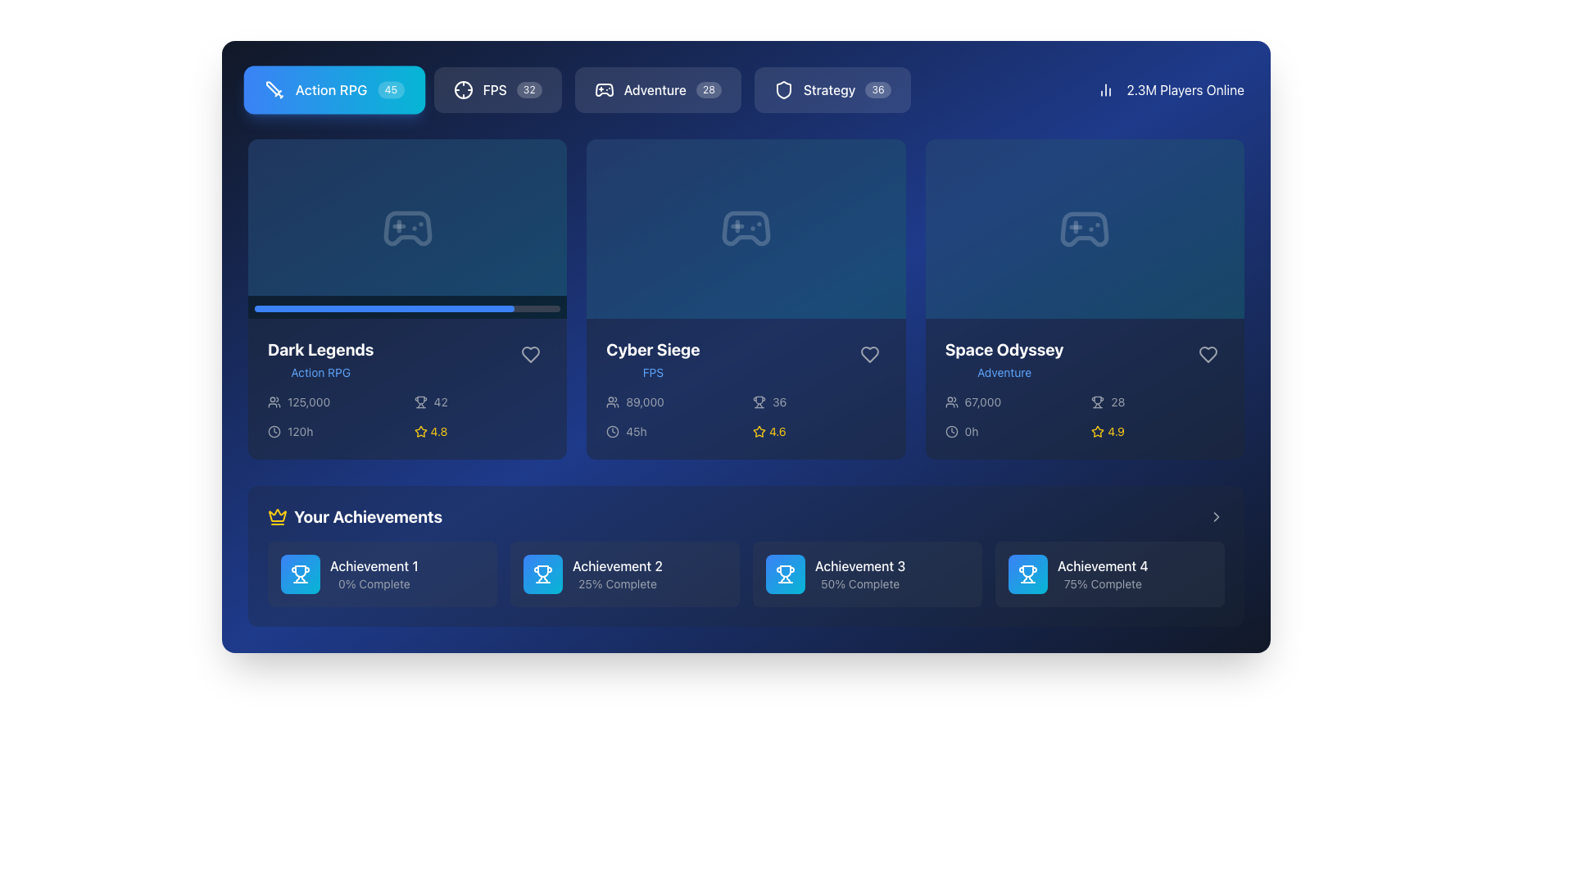  Describe the element at coordinates (612, 430) in the screenshot. I see `SVG code of the clock representation circle located within the top-right corner of the card-like component` at that location.